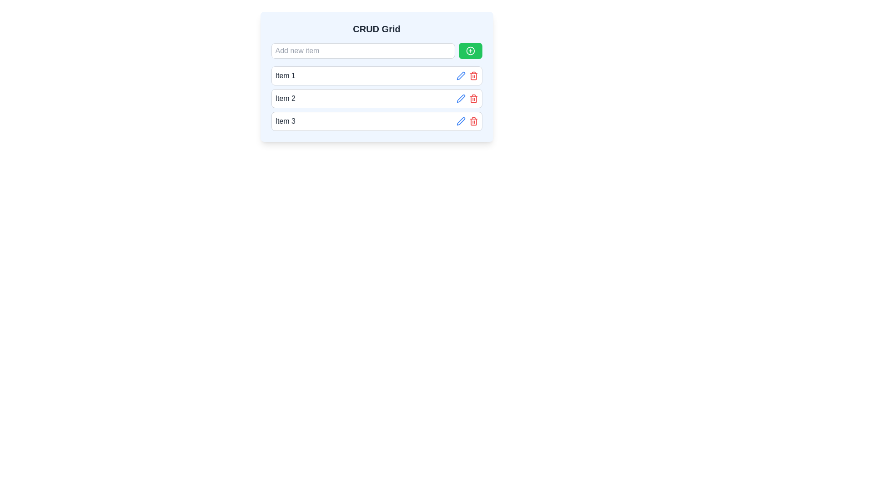 This screenshot has width=873, height=491. I want to click on the icon embedded within the green button located at the top-right section of the 'CRUD Grid' header, so click(470, 50).